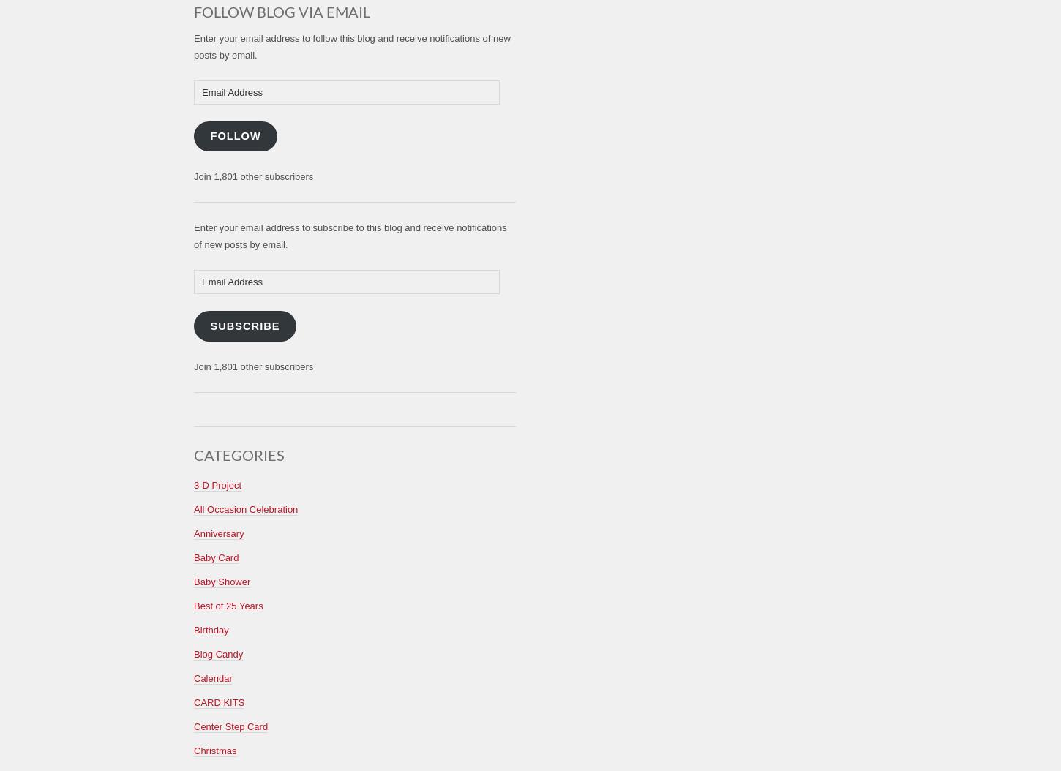  I want to click on 'Follow Blog via Email', so click(194, 10).